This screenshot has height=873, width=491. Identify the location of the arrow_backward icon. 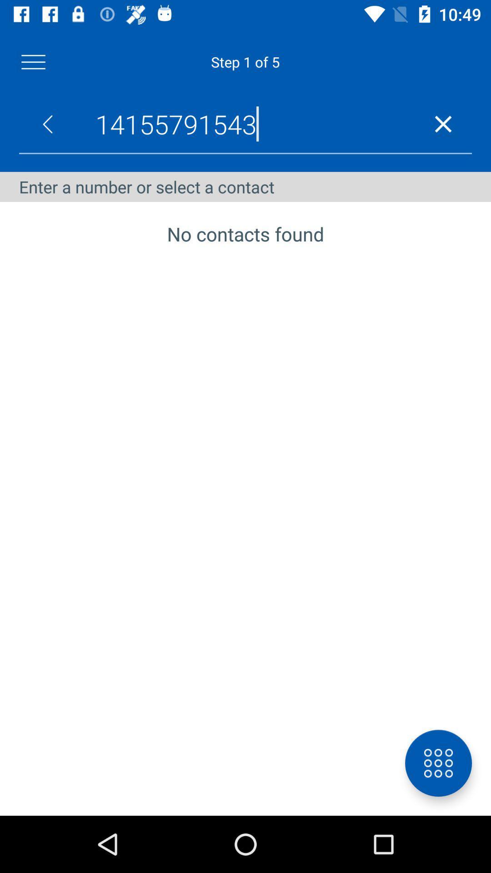
(47, 124).